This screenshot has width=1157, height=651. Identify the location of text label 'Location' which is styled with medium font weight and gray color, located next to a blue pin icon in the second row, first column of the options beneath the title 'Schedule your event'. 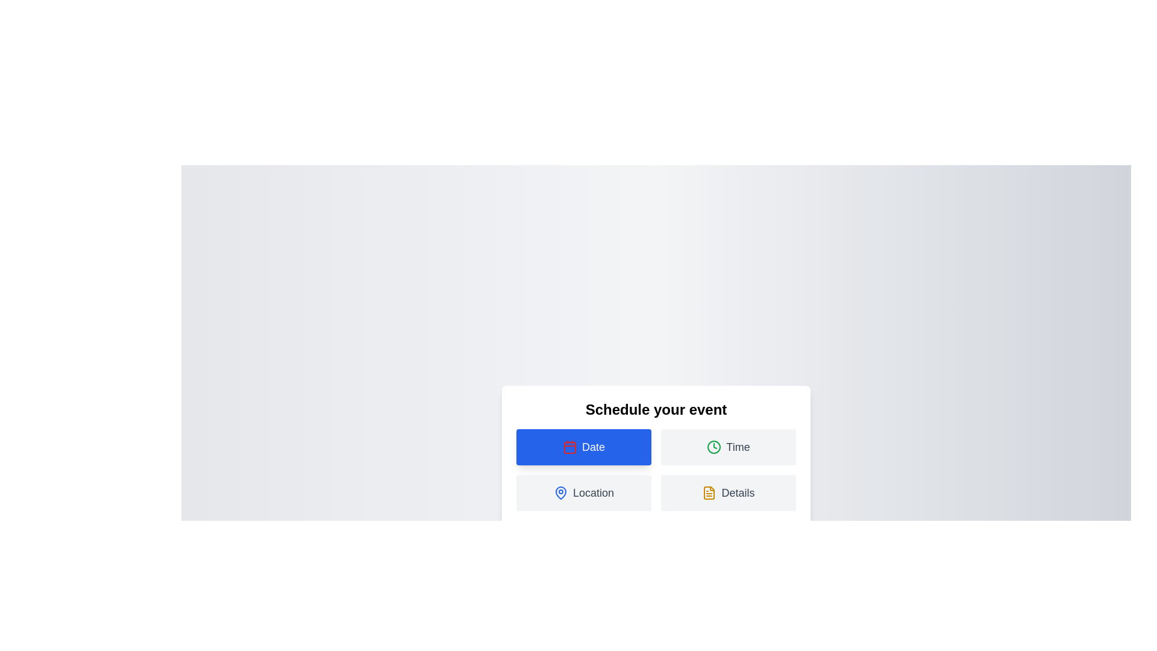
(593, 492).